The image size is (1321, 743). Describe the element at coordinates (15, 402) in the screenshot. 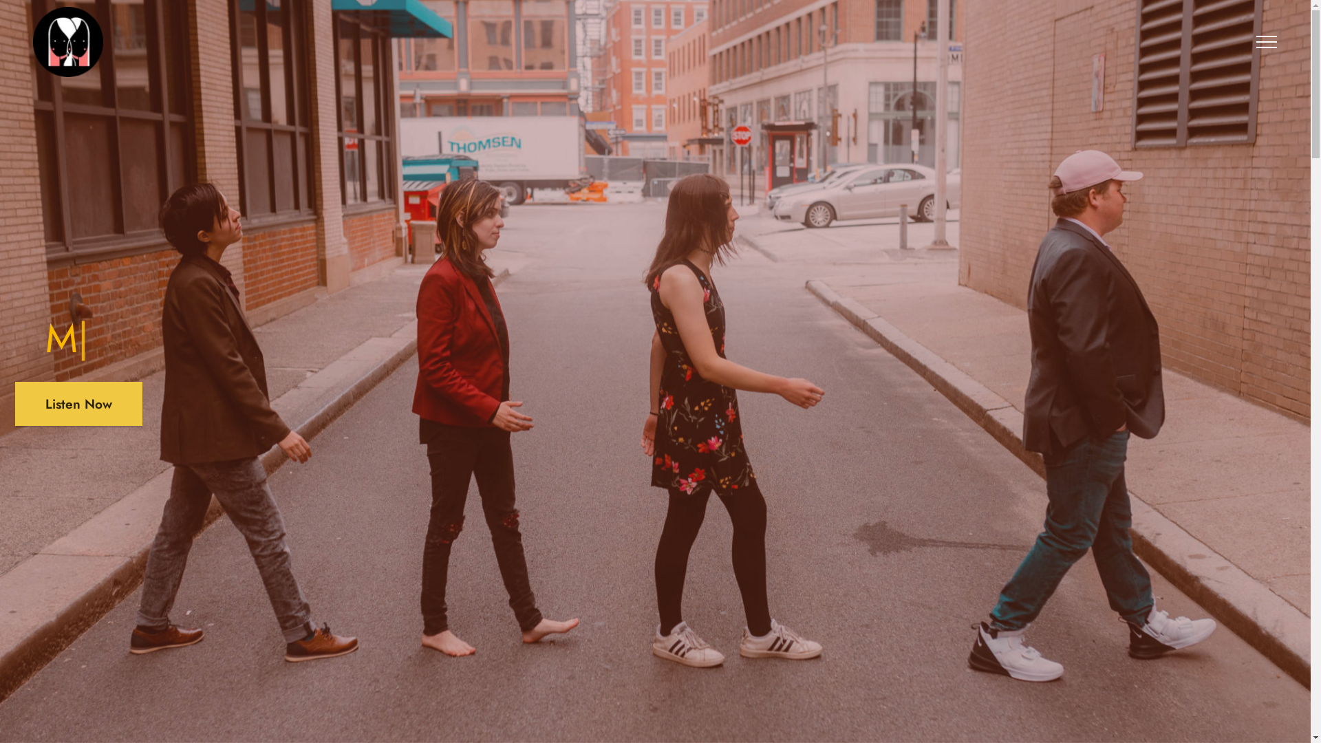

I see `'Listen Now'` at that location.